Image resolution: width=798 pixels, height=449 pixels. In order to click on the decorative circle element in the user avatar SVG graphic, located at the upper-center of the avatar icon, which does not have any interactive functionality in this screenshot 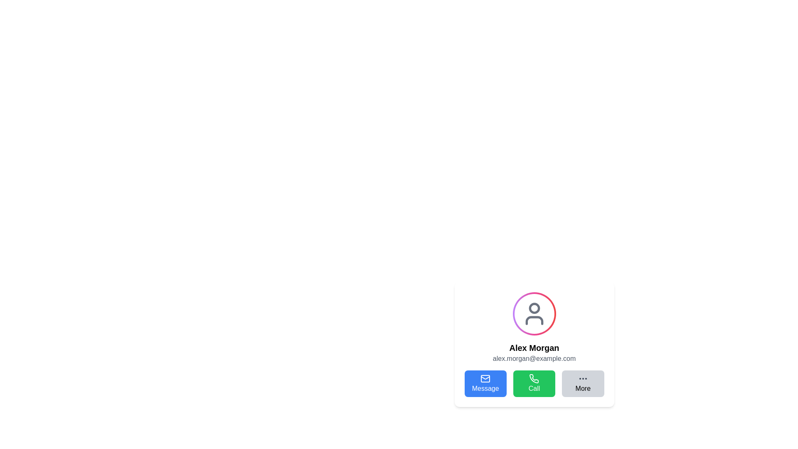, I will do `click(534, 308)`.